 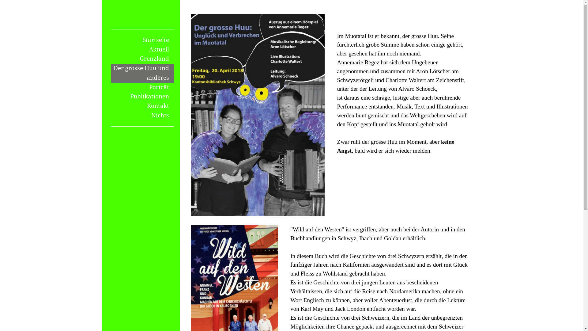 I want to click on 'Aktuell', so click(x=111, y=49).